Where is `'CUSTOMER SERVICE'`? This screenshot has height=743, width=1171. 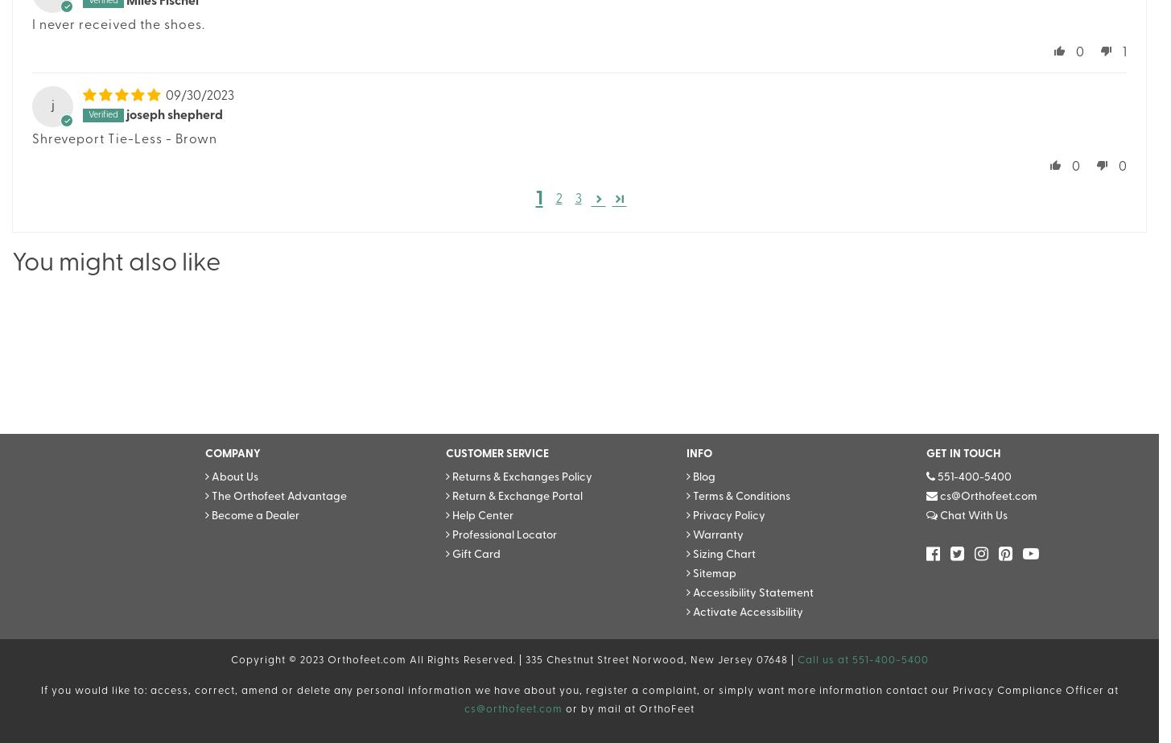
'CUSTOMER SERVICE' is located at coordinates (445, 453).